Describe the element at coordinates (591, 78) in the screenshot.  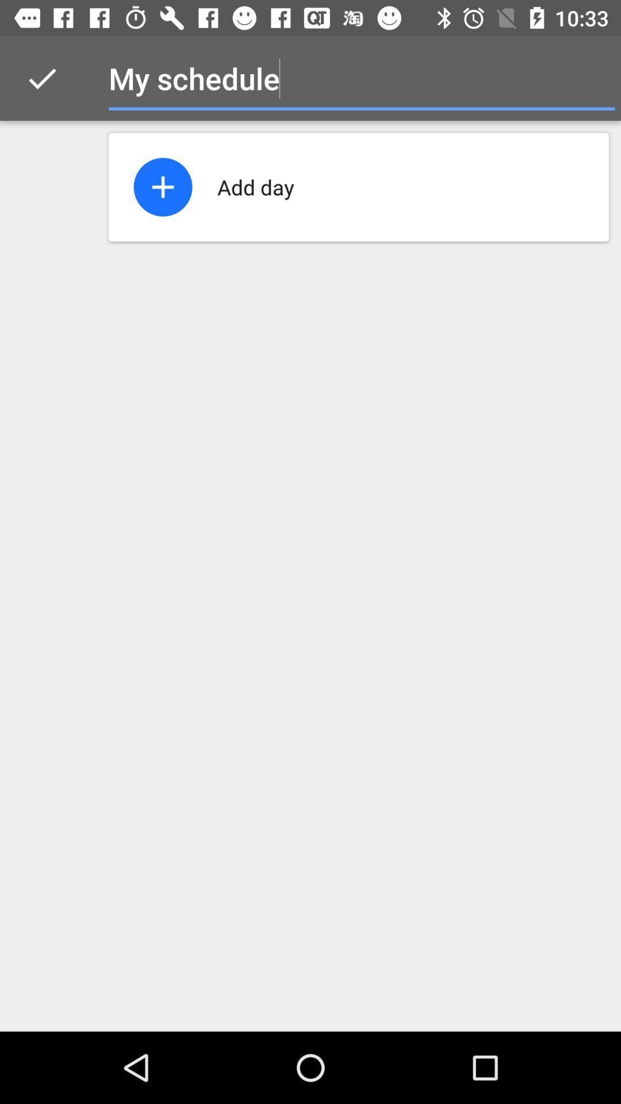
I see `icon next to my schedule item` at that location.